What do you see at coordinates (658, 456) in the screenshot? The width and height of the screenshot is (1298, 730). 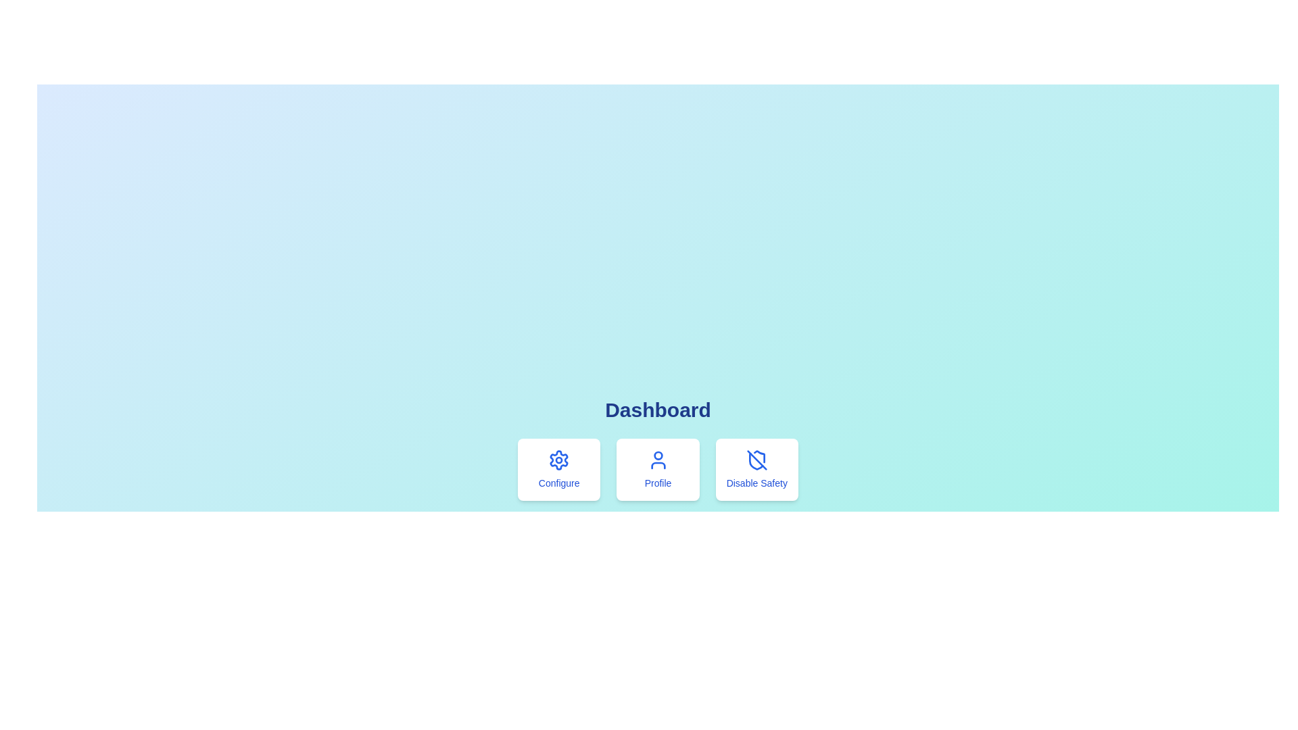 I see `the appearance of the circular component representing the user profile head in the middle button of the three-button row labeled 'Configure,' 'Profile,' and 'Disable Safety.'` at bounding box center [658, 456].